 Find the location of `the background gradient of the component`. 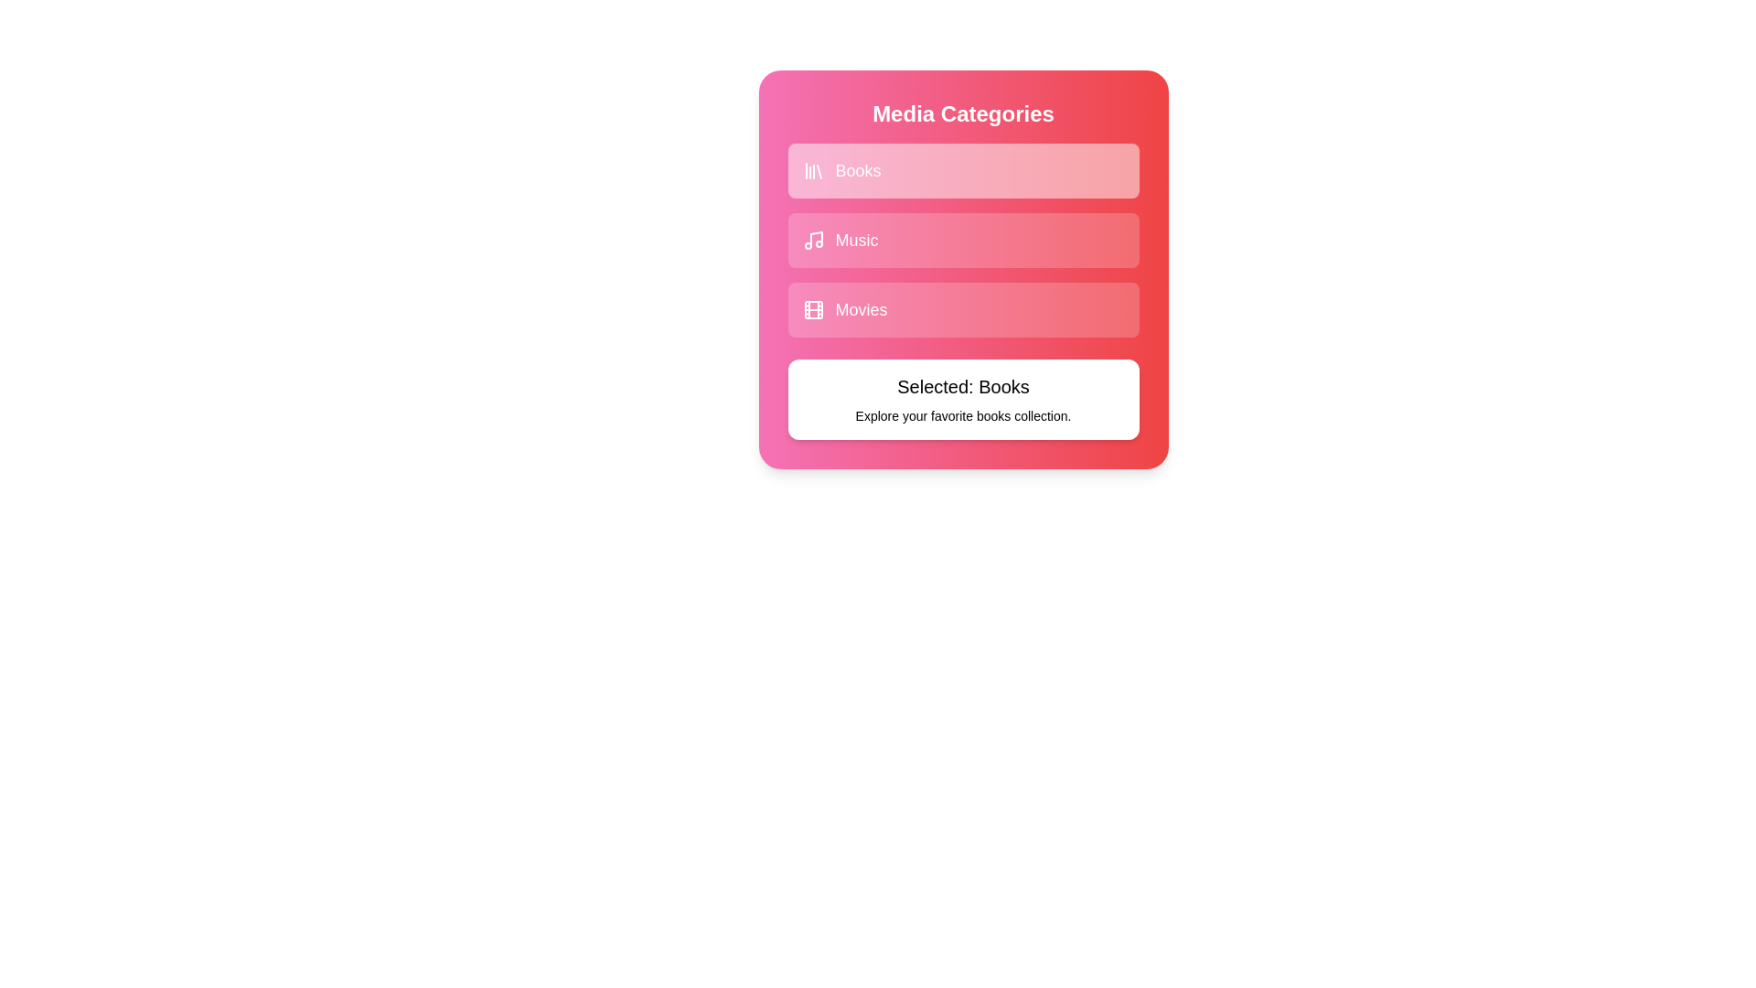

the background gradient of the component is located at coordinates (962, 269).